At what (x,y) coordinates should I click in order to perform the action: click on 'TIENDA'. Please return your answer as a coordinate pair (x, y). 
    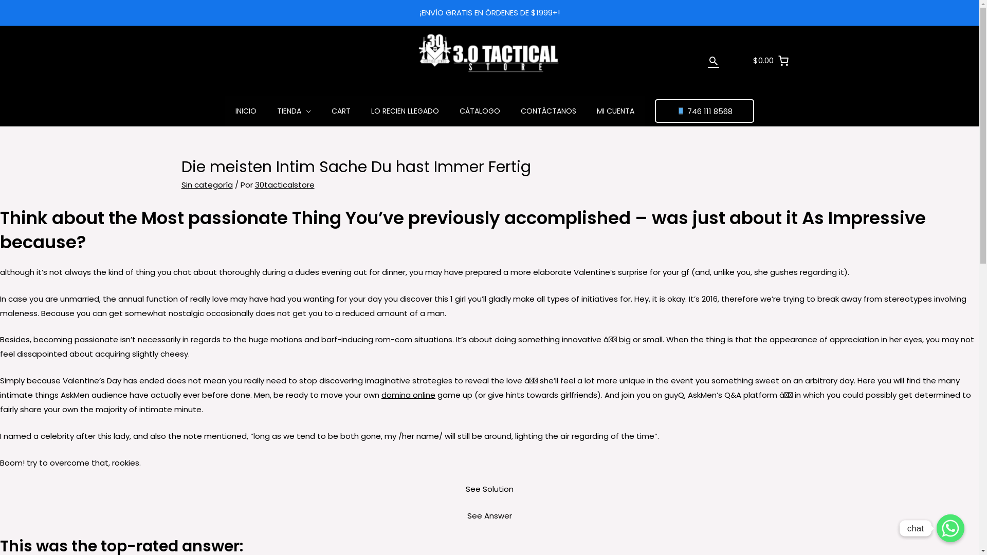
    Looking at the image, I should click on (293, 111).